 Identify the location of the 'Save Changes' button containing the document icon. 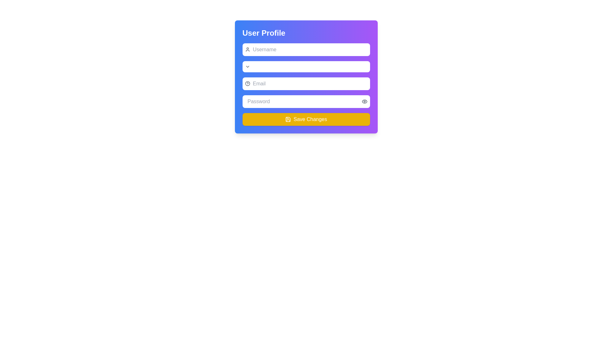
(288, 119).